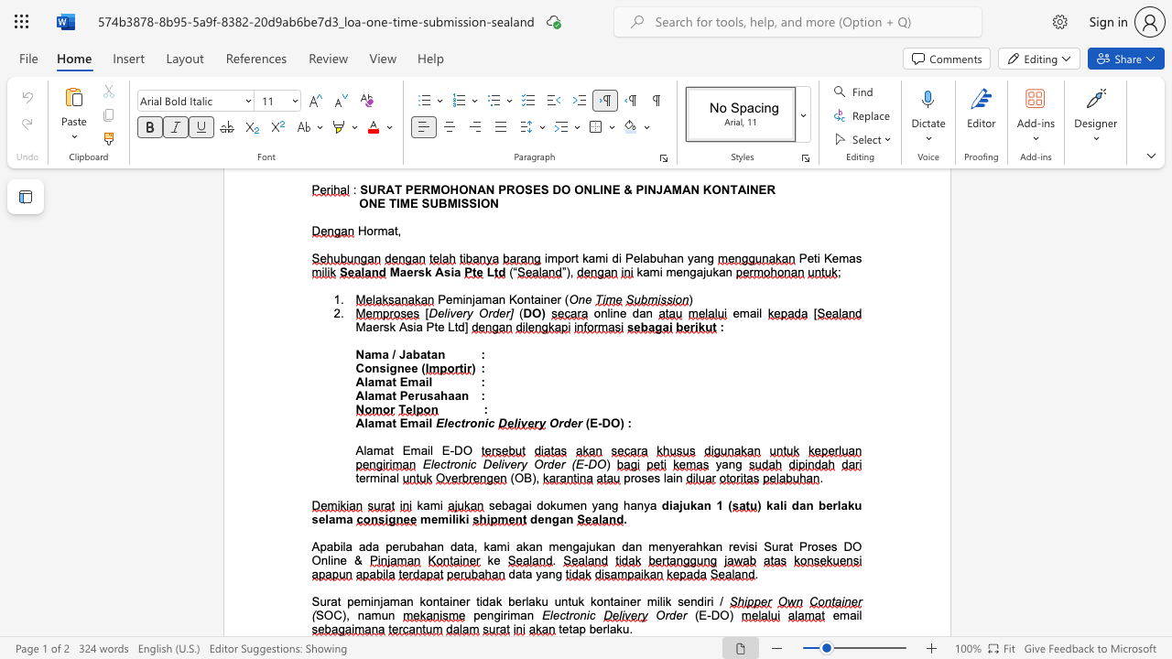  Describe the element at coordinates (622, 628) in the screenshot. I see `the subset text "u." within the text "tetap berlaku."` at that location.